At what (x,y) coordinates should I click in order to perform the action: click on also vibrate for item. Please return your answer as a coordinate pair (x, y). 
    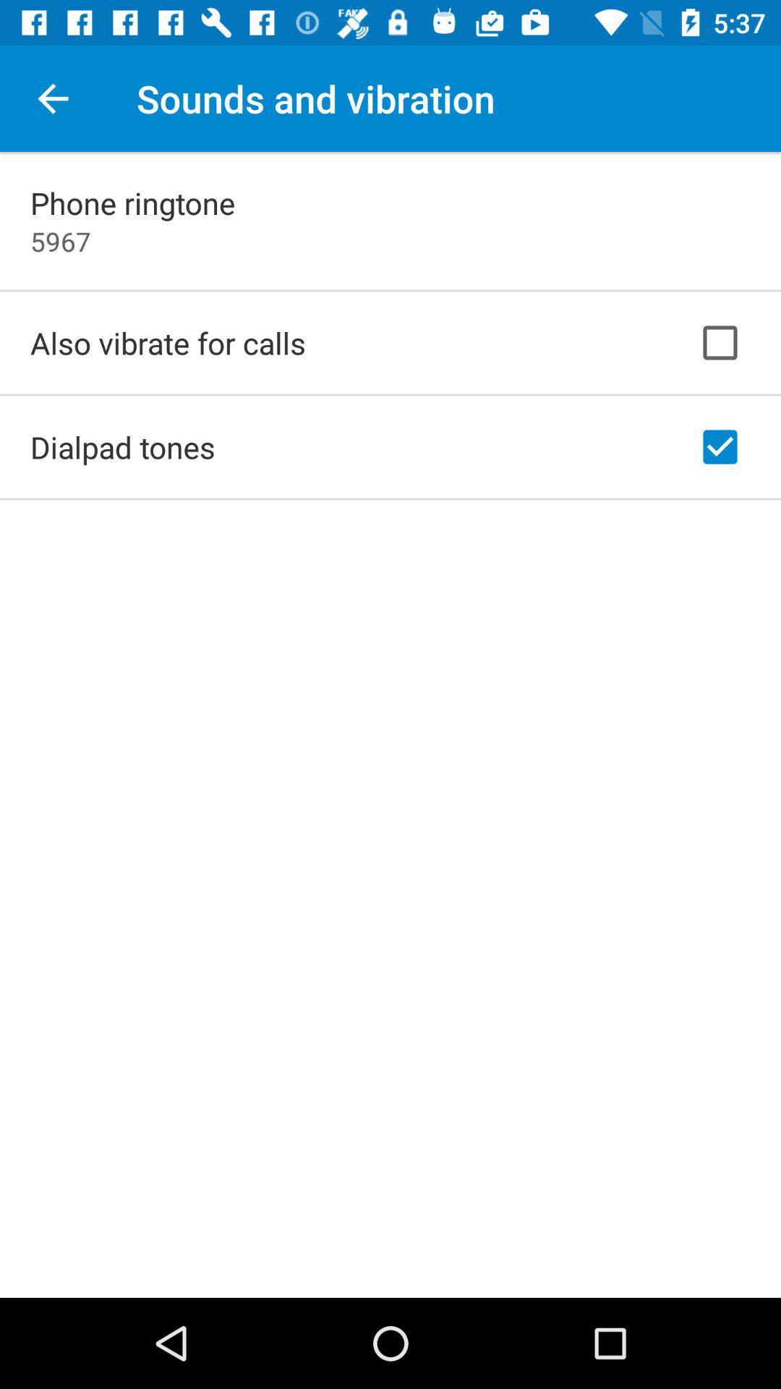
    Looking at the image, I should click on (167, 342).